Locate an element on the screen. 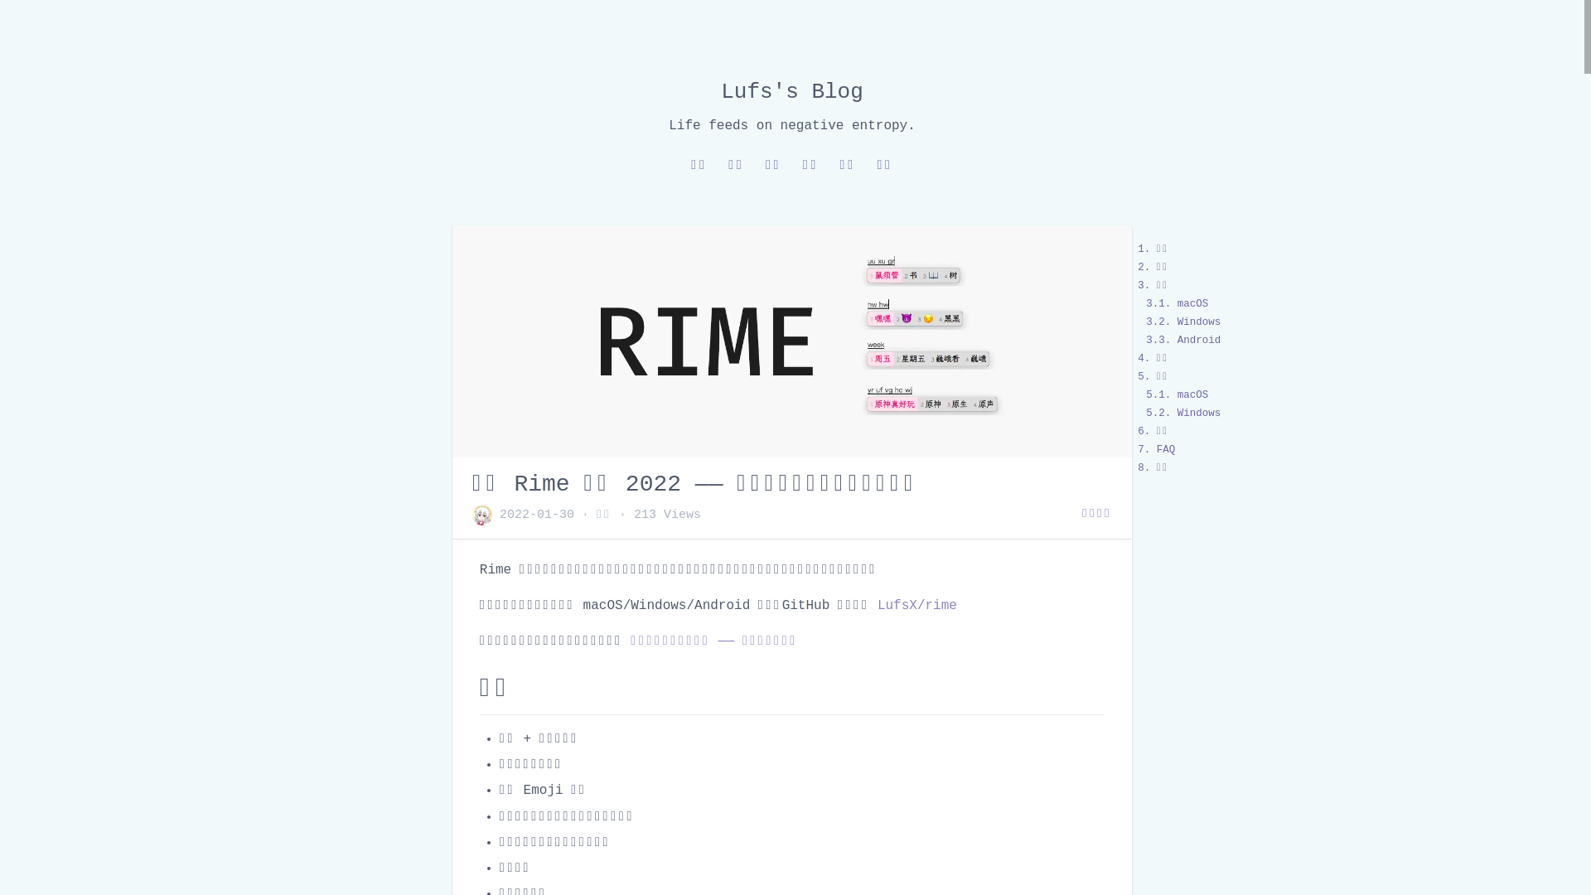 The width and height of the screenshot is (1591, 895). '3.1. macOS' is located at coordinates (1176, 303).